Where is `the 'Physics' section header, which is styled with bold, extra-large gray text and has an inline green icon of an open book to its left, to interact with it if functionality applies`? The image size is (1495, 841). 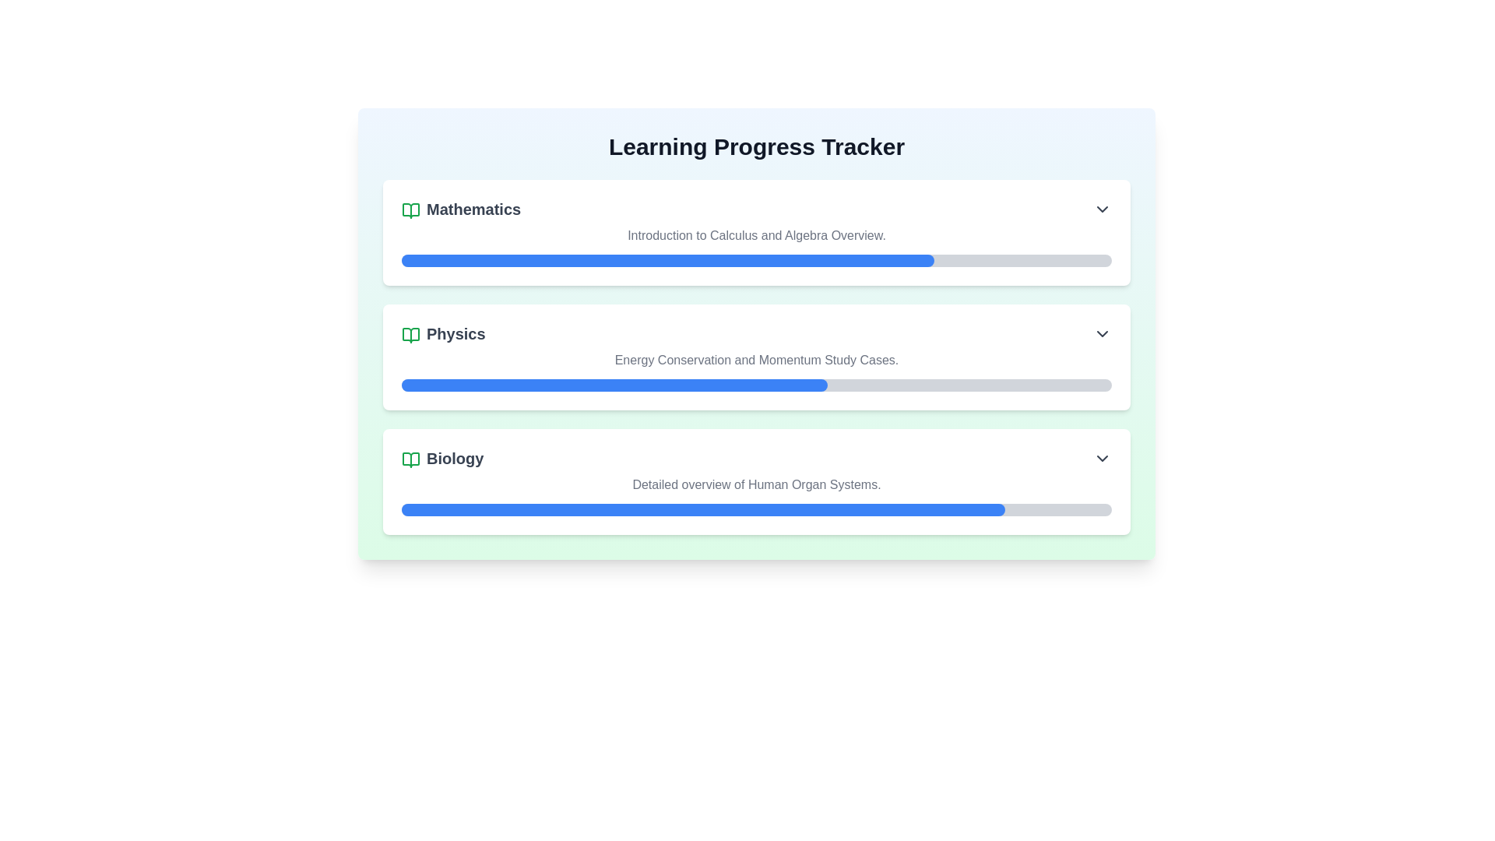
the 'Physics' section header, which is styled with bold, extra-large gray text and has an inline green icon of an open book to its left, to interact with it if functionality applies is located at coordinates (442, 333).